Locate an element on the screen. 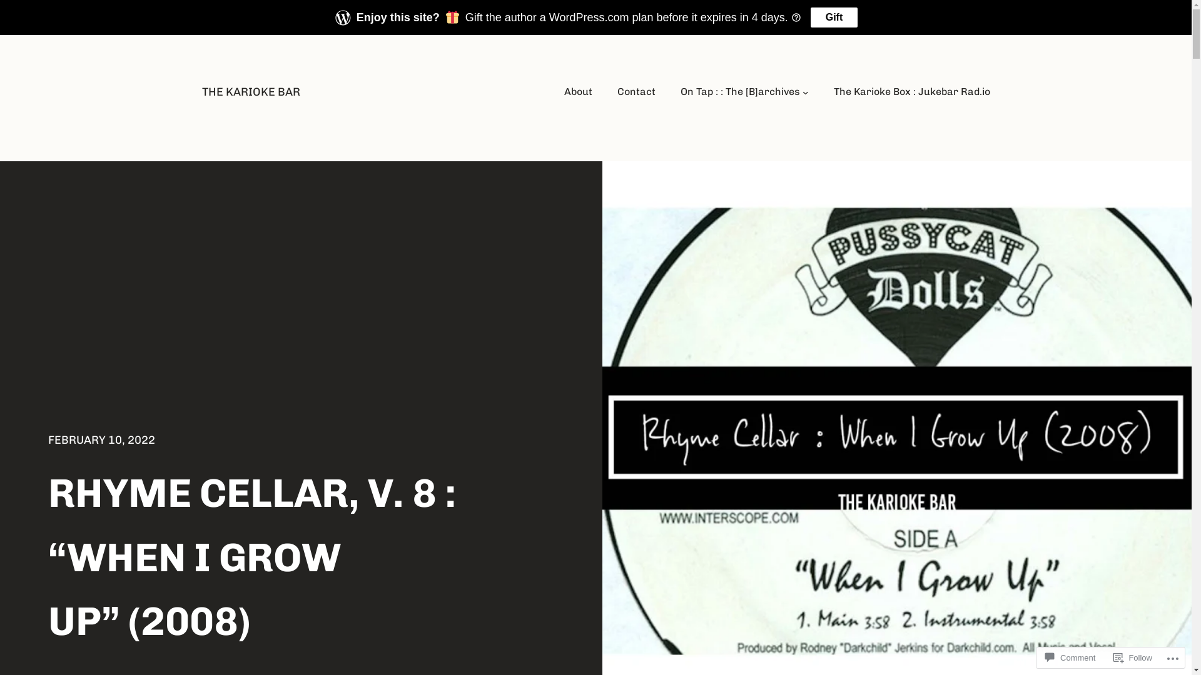 The image size is (1201, 675). 'Follow' is located at coordinates (1132, 657).